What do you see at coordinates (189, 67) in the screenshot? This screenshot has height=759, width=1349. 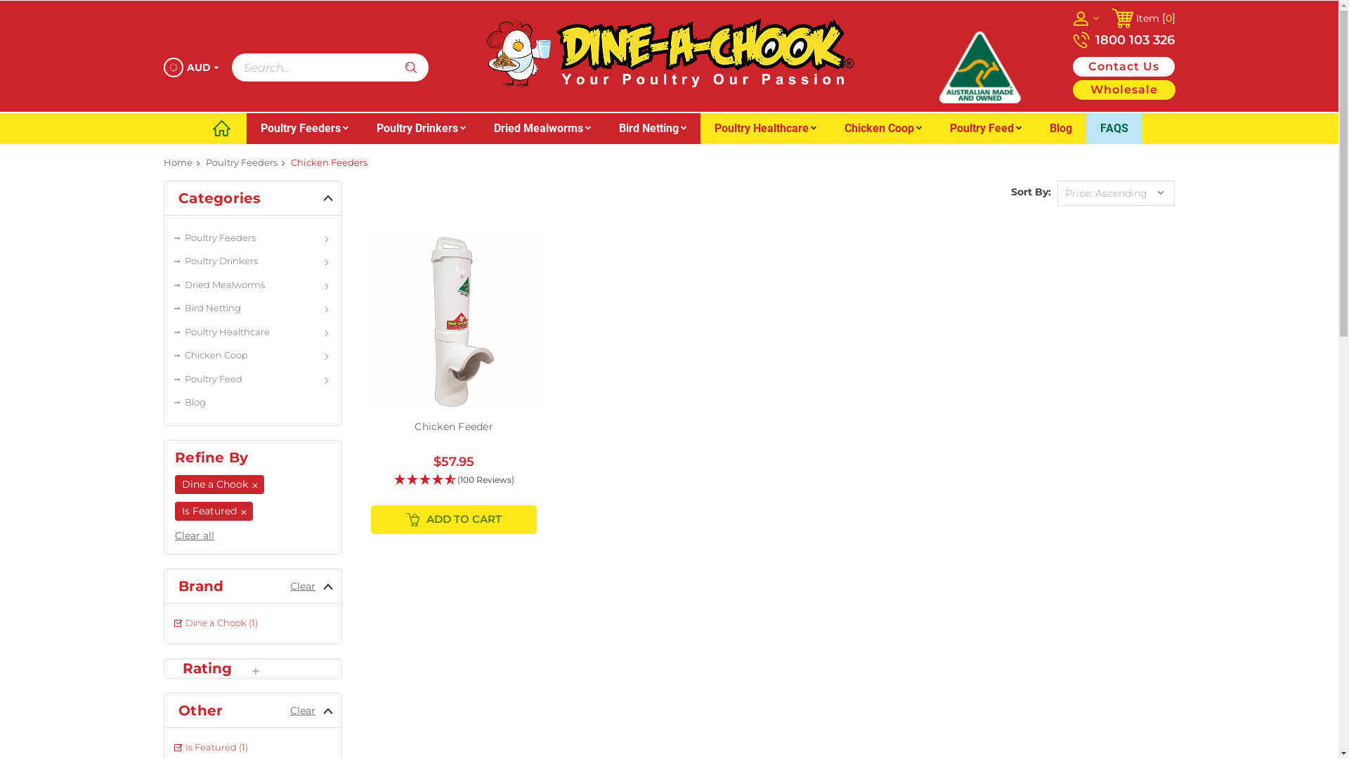 I see `'AUD'` at bounding box center [189, 67].